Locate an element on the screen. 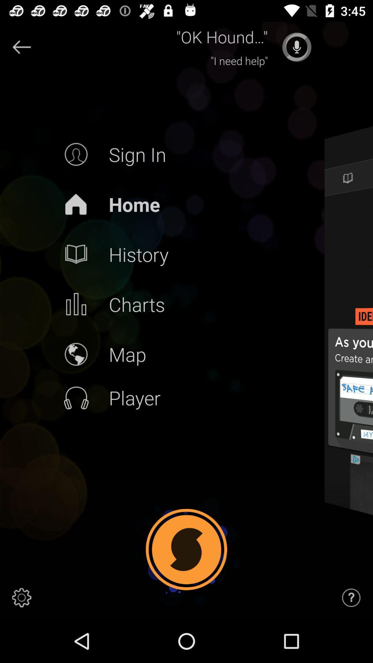 The image size is (373, 663). help is located at coordinates (351, 597).